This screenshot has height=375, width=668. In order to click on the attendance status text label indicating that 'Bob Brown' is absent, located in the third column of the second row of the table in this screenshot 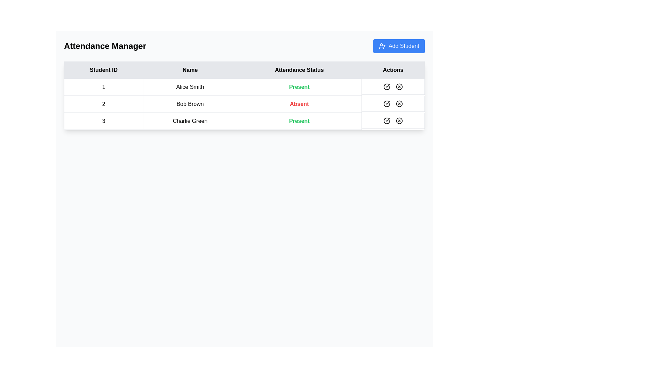, I will do `click(299, 104)`.